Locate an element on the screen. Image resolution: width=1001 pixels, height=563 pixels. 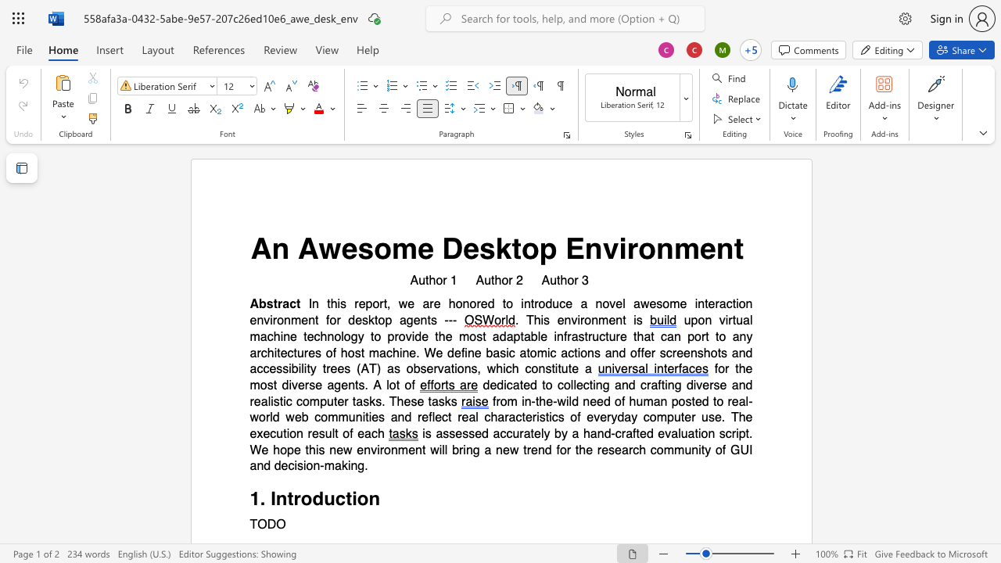
the 5th character "s" in the text is located at coordinates (471, 434).